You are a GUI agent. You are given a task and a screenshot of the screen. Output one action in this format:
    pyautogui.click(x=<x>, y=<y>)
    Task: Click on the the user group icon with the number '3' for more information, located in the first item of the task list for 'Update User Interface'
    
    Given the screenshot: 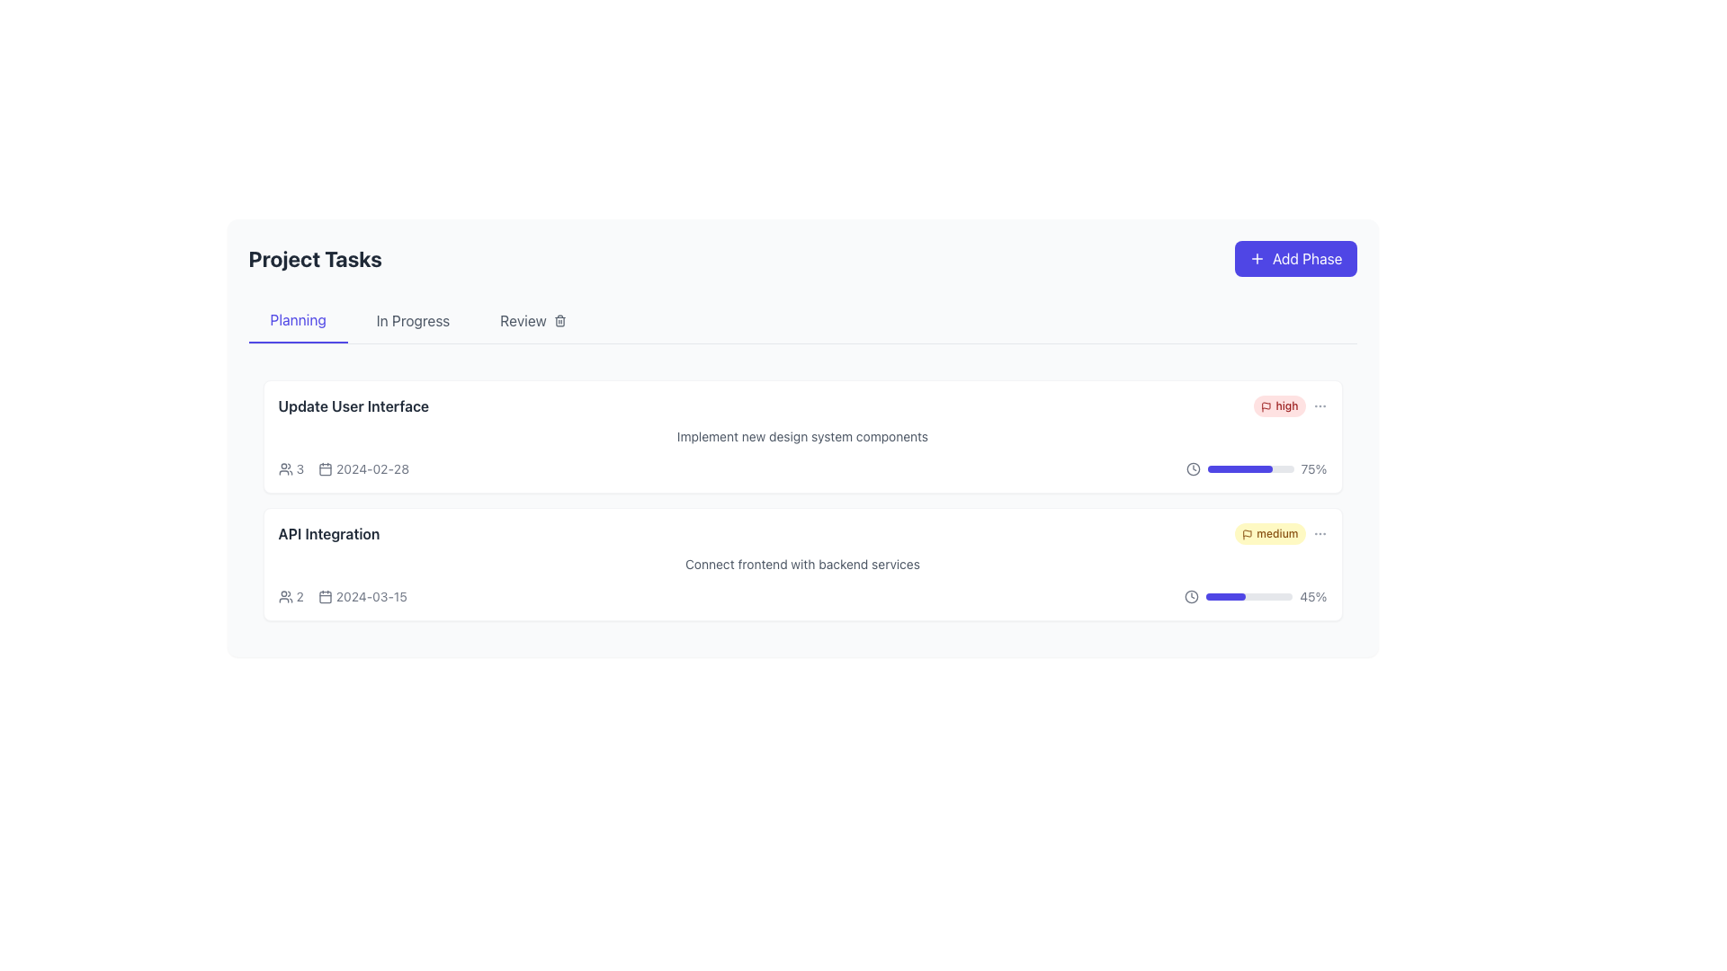 What is the action you would take?
    pyautogui.click(x=291, y=468)
    